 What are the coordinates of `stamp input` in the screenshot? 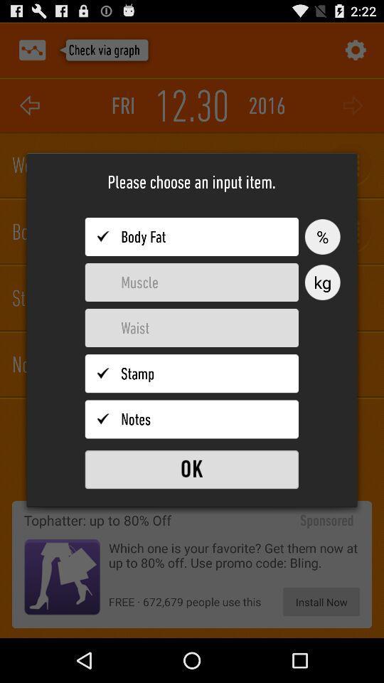 It's located at (191, 373).